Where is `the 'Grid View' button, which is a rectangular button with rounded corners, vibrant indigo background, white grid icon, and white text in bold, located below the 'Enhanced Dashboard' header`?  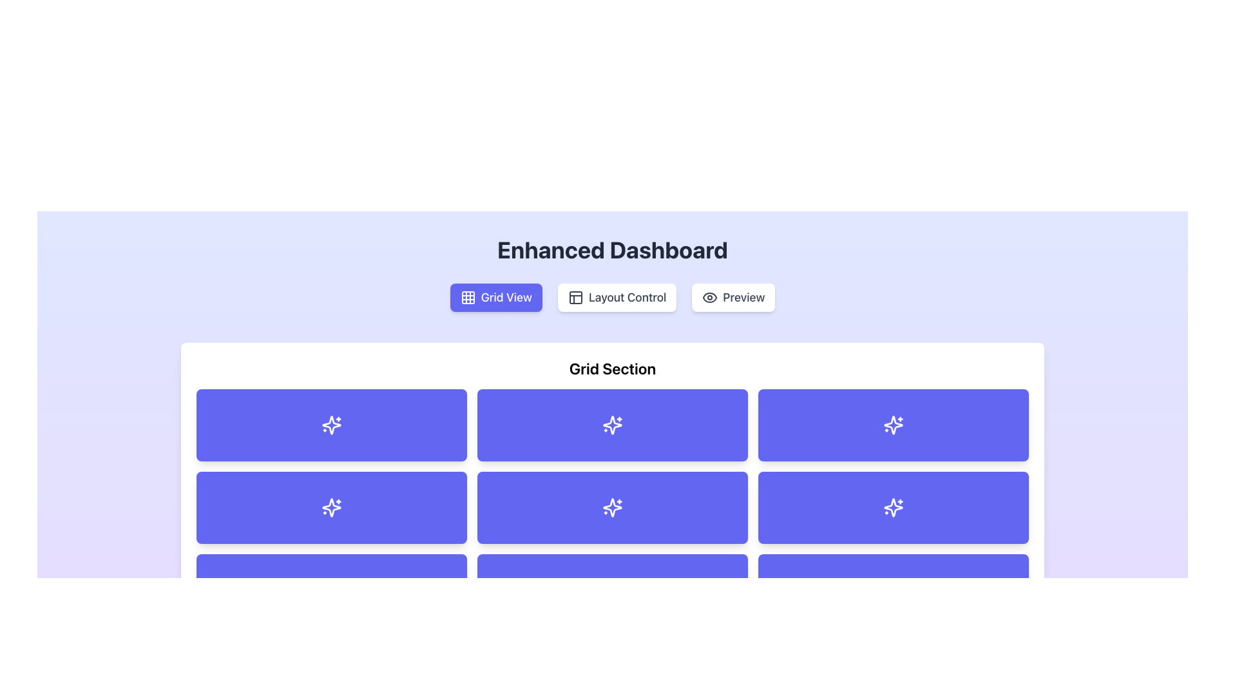
the 'Grid View' button, which is a rectangular button with rounded corners, vibrant indigo background, white grid icon, and white text in bold, located below the 'Enhanced Dashboard' header is located at coordinates (495, 298).